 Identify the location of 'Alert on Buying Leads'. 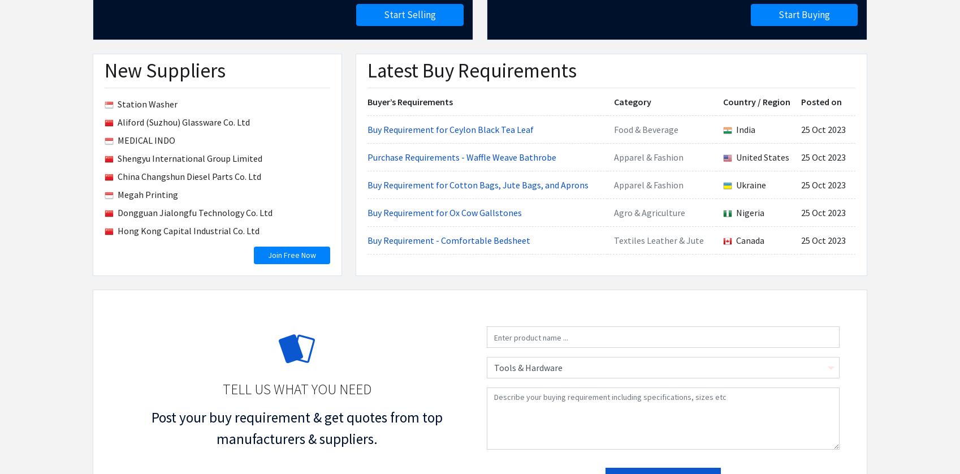
(323, 72).